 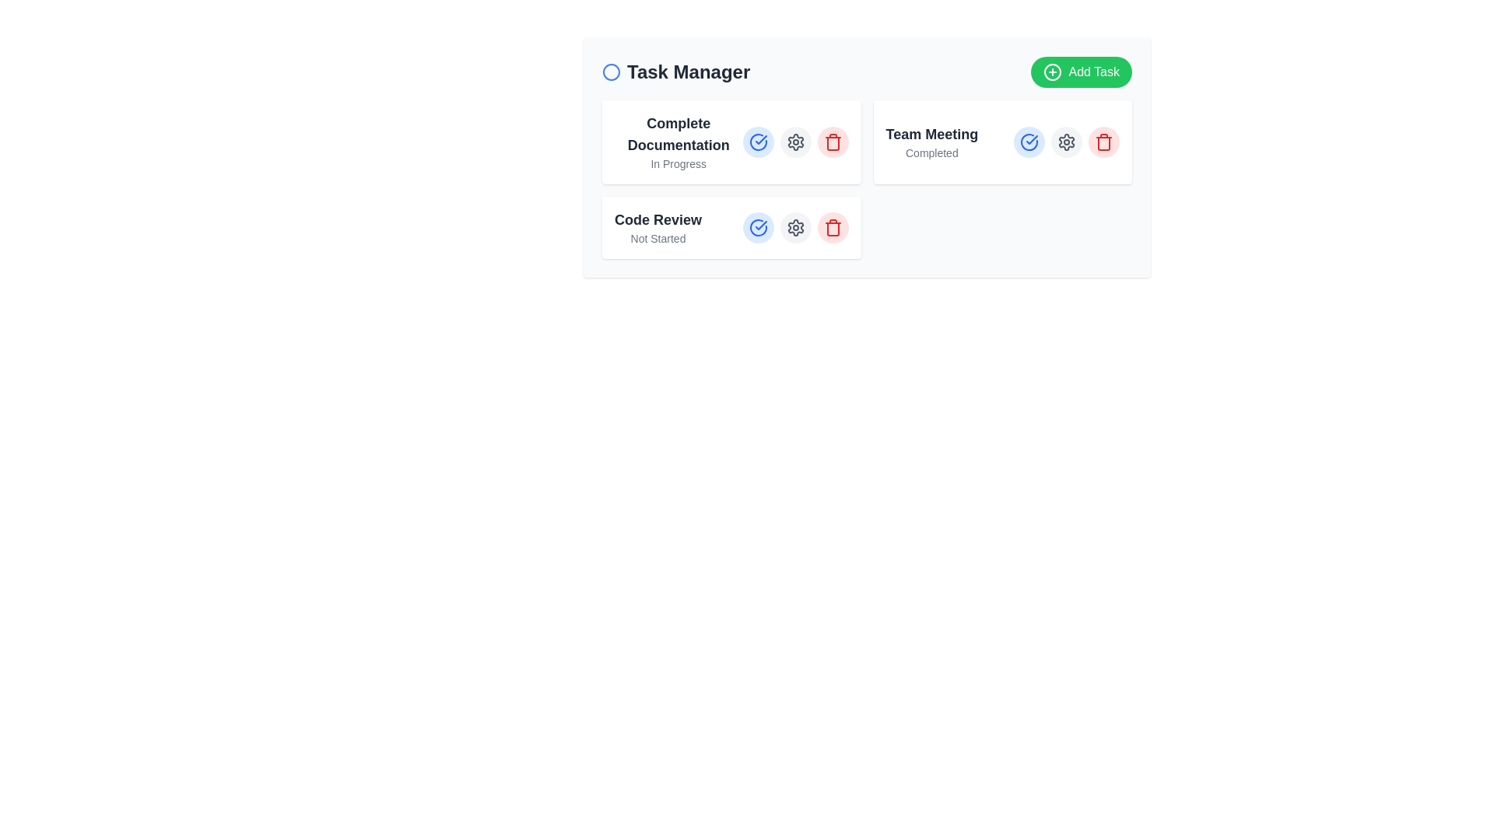 What do you see at coordinates (795, 228) in the screenshot?
I see `any of the three circular buttons in the 'Code Review' task card's action section` at bounding box center [795, 228].